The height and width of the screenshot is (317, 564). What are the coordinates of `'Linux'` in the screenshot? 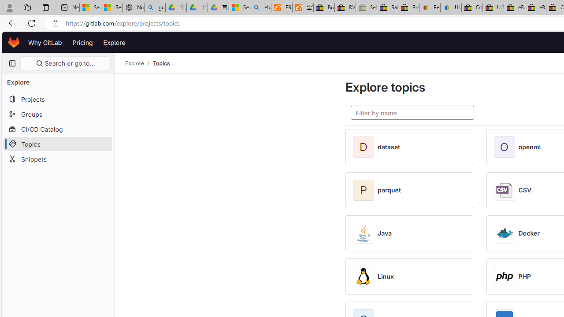 It's located at (386, 276).